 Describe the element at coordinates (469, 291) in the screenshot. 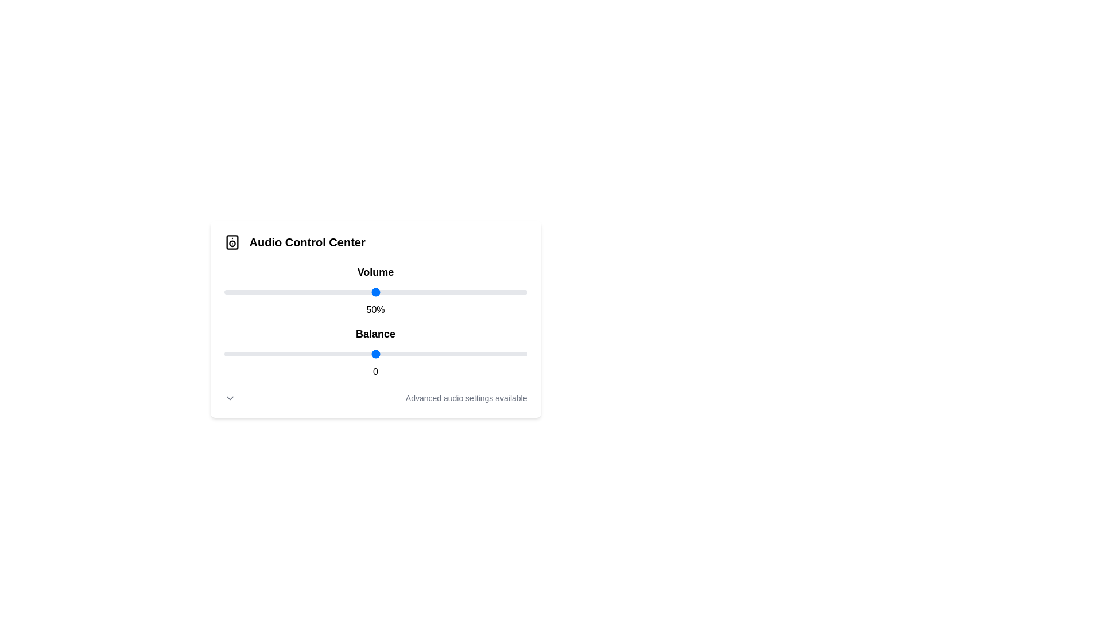

I see `the volume slider to 81%` at that location.